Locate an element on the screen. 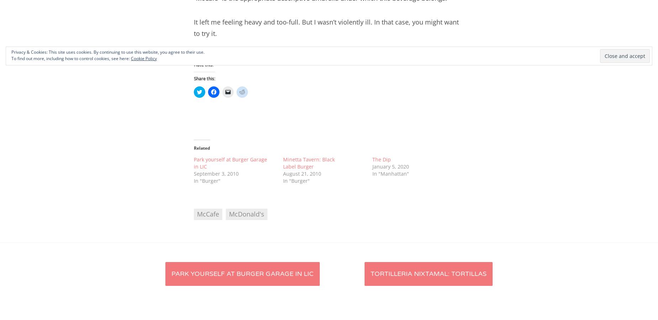 This screenshot has height=320, width=658. 'Share this:' is located at coordinates (204, 79).